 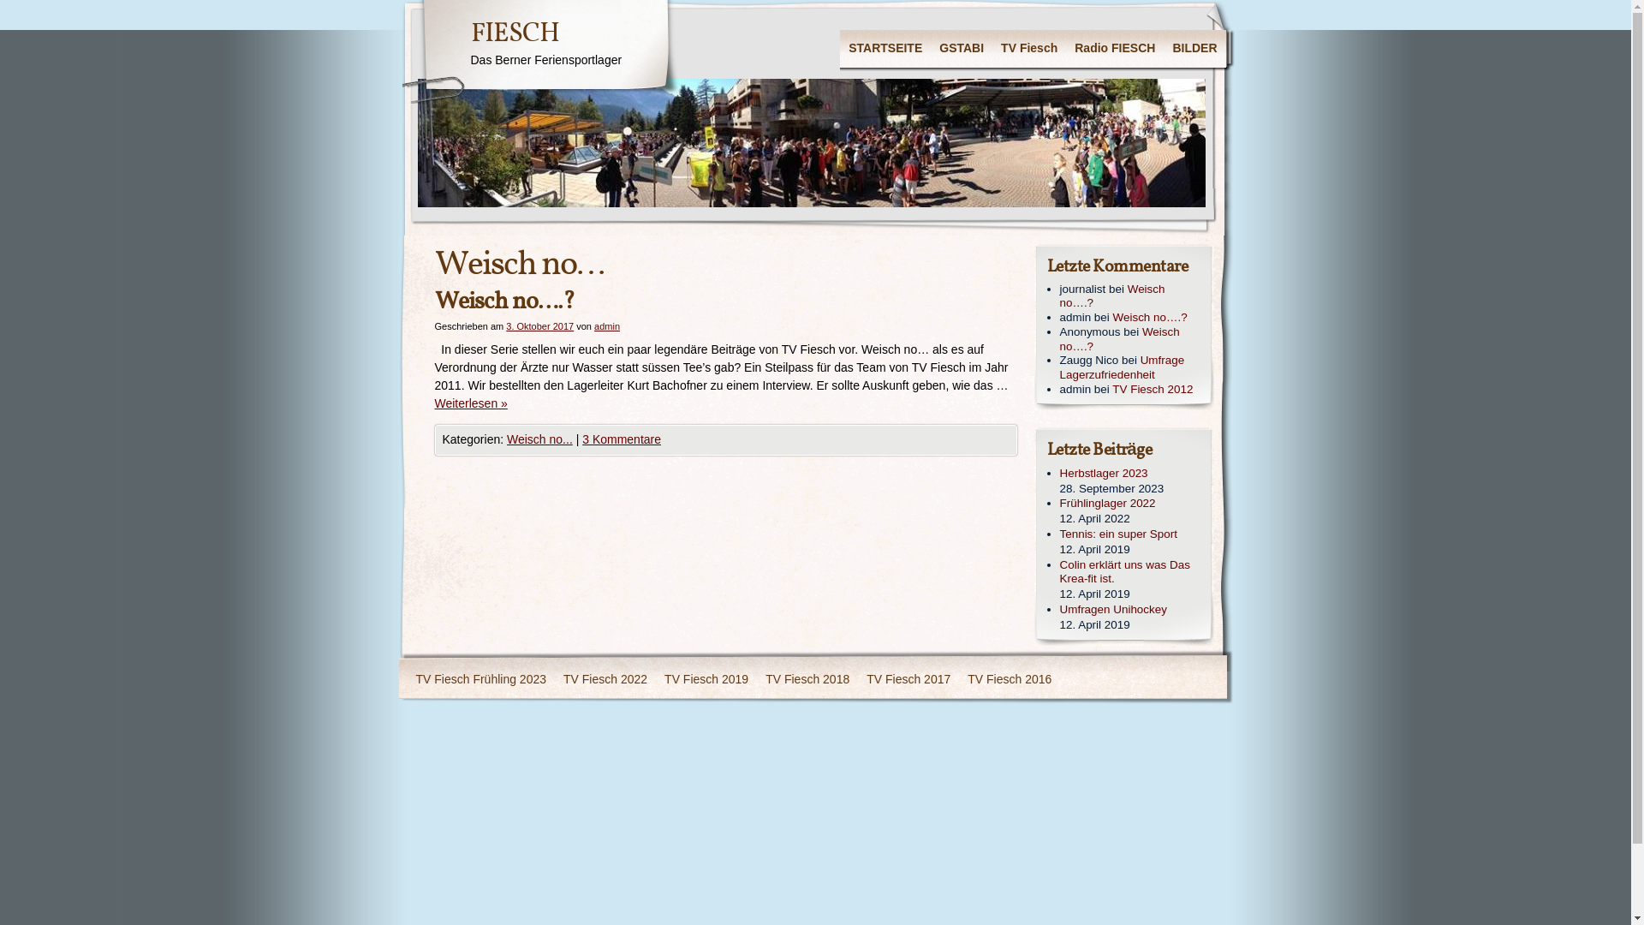 What do you see at coordinates (962, 48) in the screenshot?
I see `'GSTABI'` at bounding box center [962, 48].